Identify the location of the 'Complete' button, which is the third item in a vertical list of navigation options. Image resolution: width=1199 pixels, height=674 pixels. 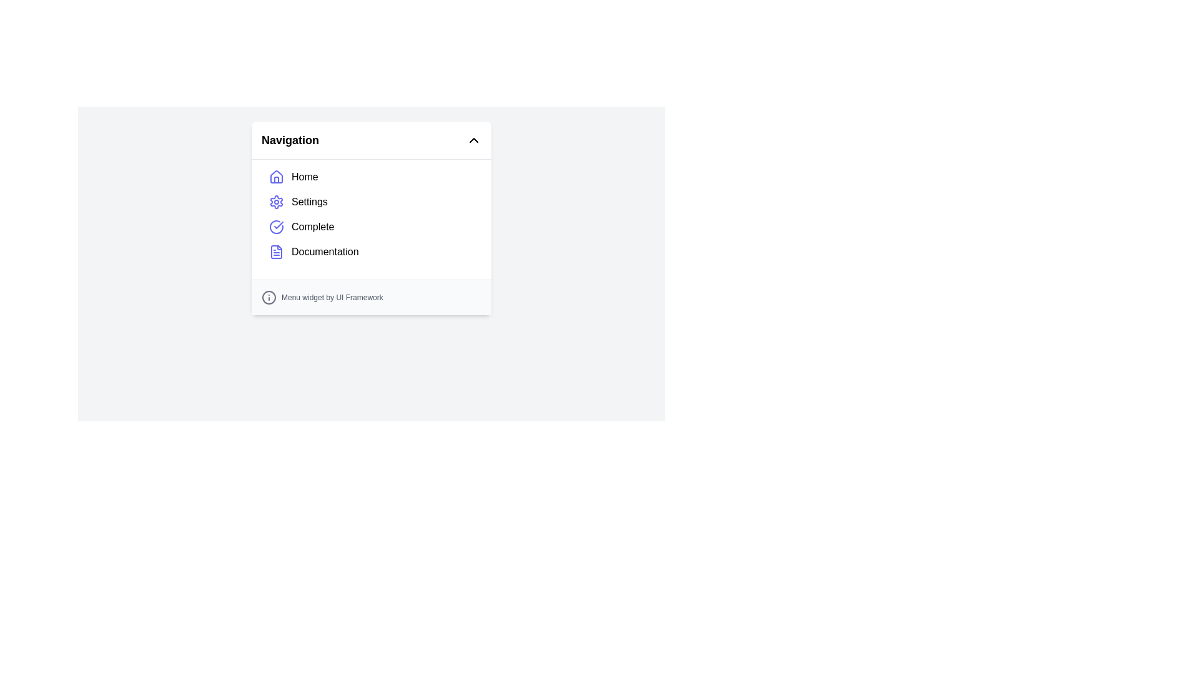
(371, 227).